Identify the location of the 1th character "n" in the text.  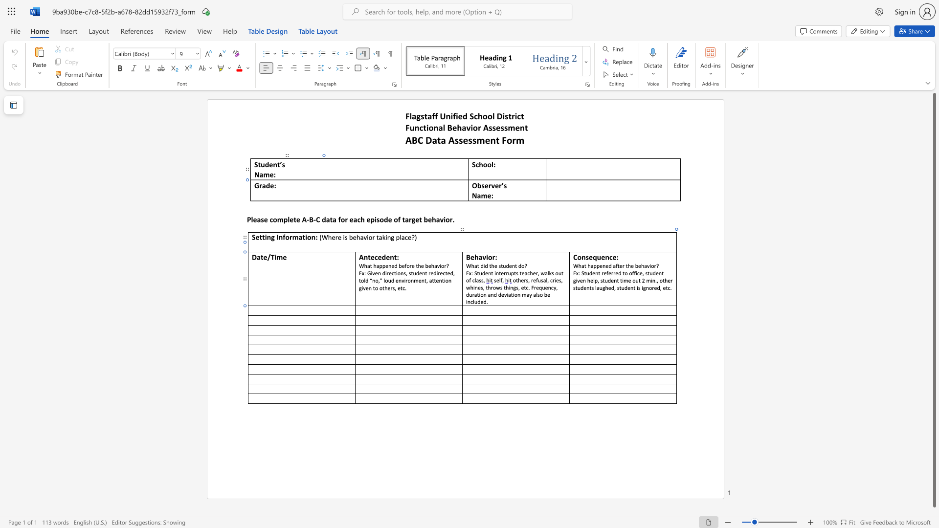
(511, 287).